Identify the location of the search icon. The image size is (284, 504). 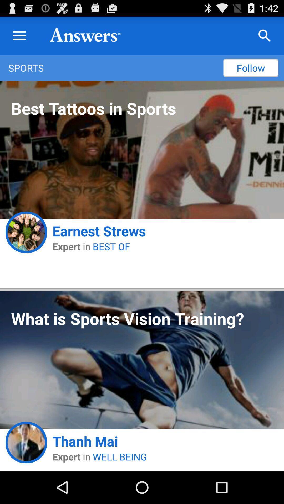
(265, 38).